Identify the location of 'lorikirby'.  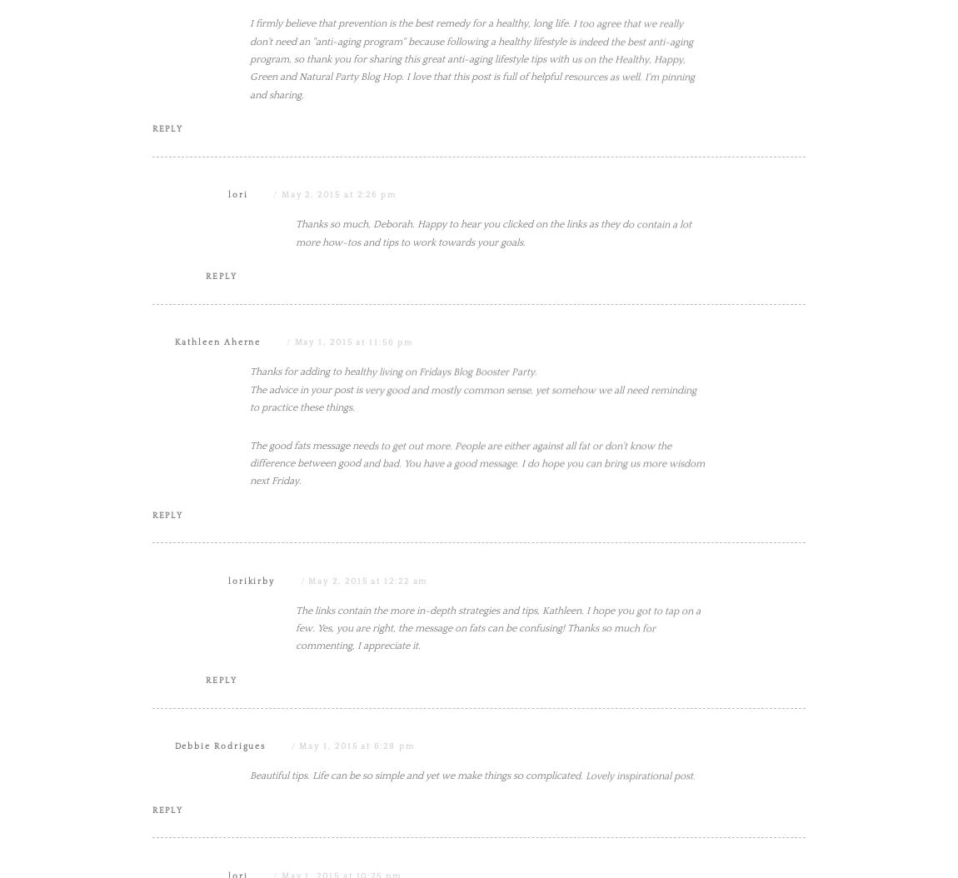
(251, 747).